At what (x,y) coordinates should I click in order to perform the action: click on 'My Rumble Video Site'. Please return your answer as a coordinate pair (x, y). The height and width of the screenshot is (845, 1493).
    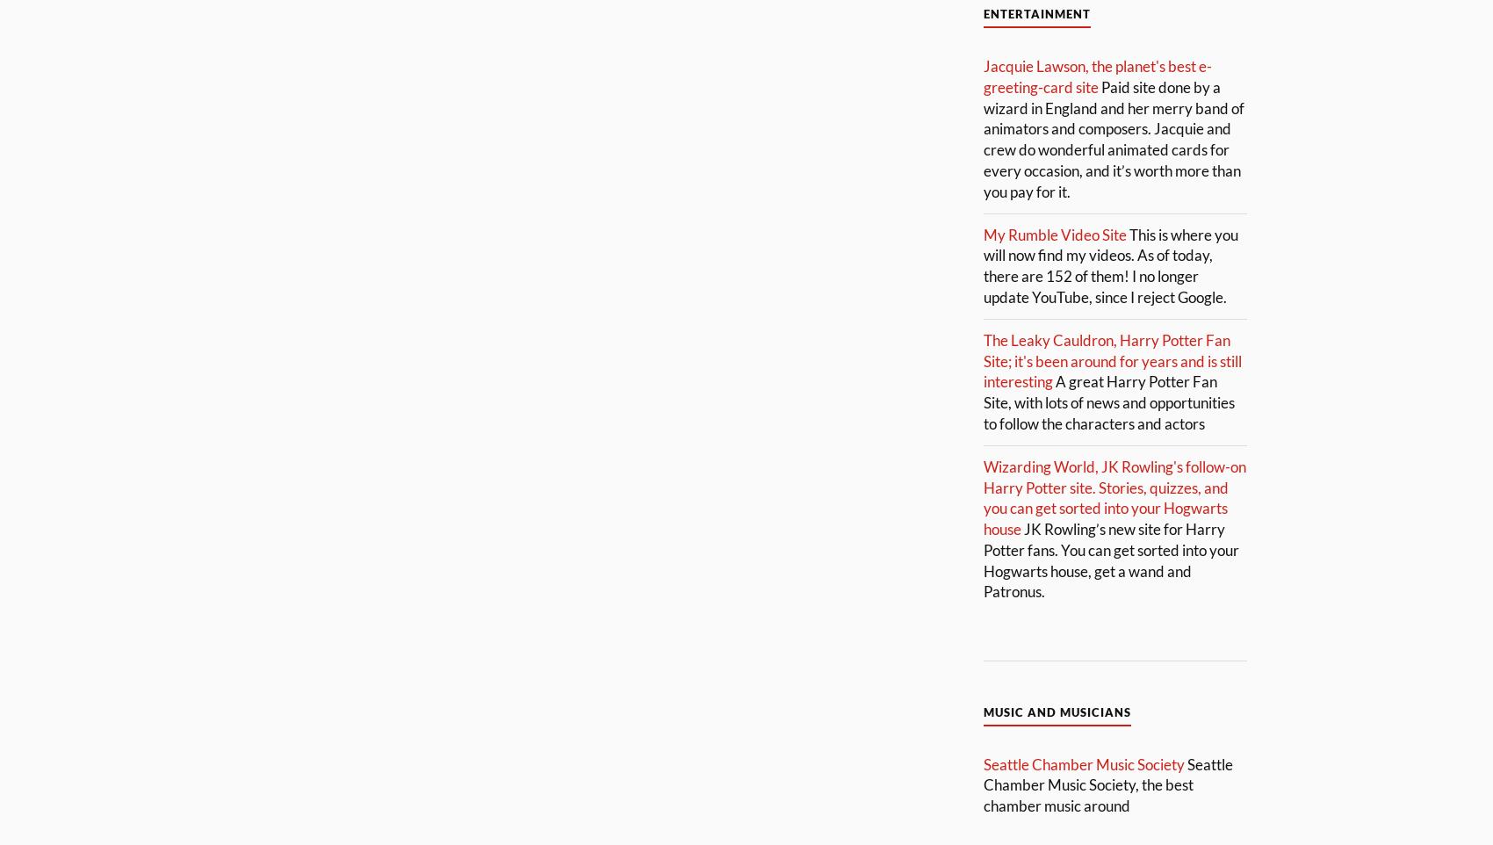
    Looking at the image, I should click on (983, 234).